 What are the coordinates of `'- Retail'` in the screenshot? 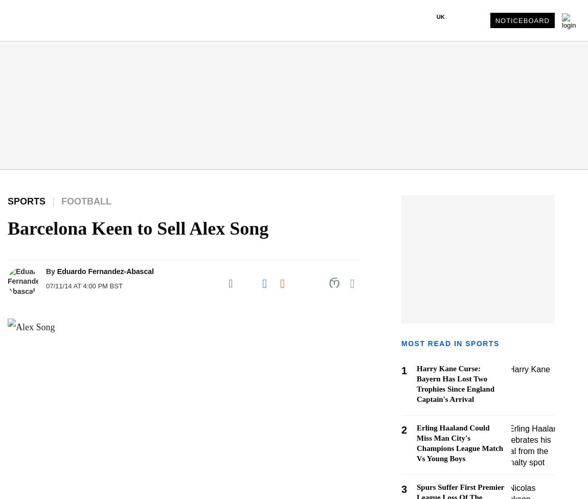 It's located at (24, 158).